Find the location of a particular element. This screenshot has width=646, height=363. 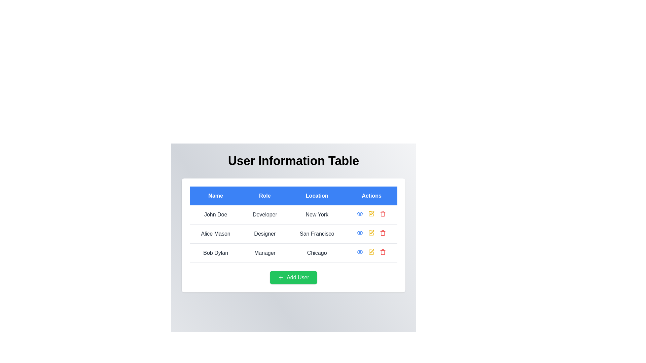

the text label displaying 'John Doe' in the user information table, located under the 'Name' column is located at coordinates (216, 215).